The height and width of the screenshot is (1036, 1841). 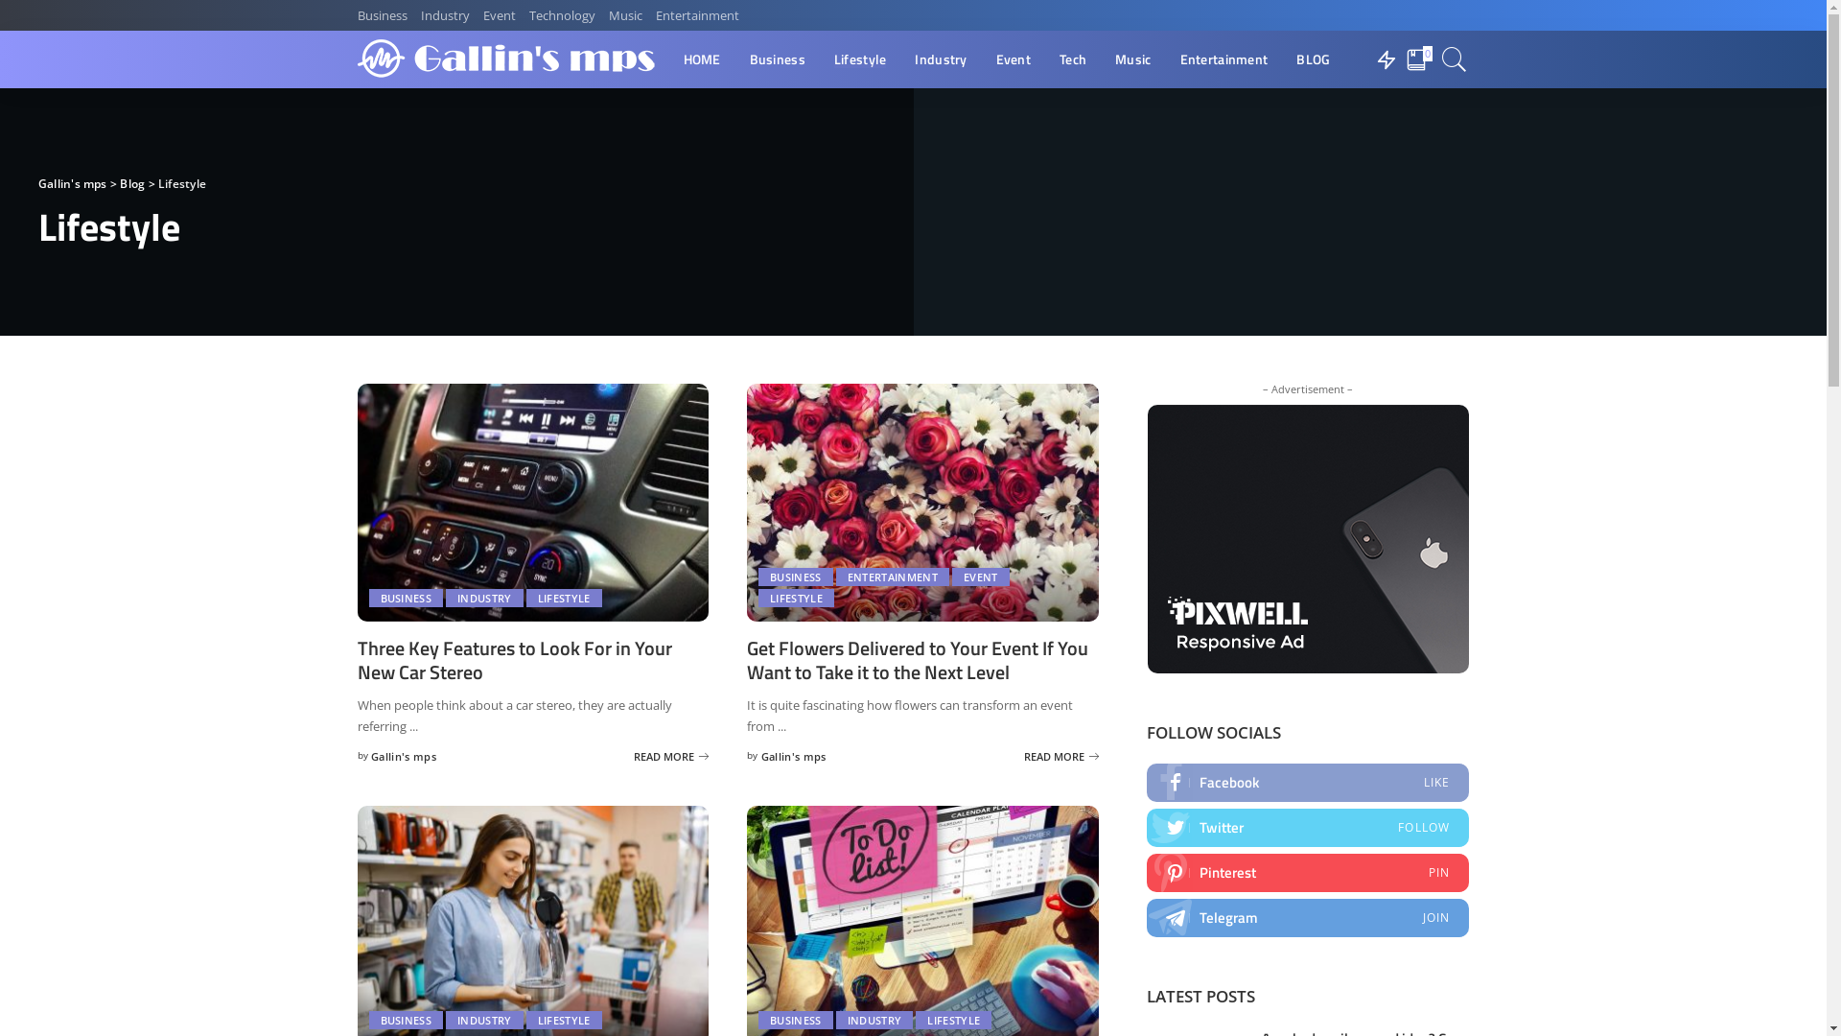 I want to click on 'Blog', so click(x=131, y=183).